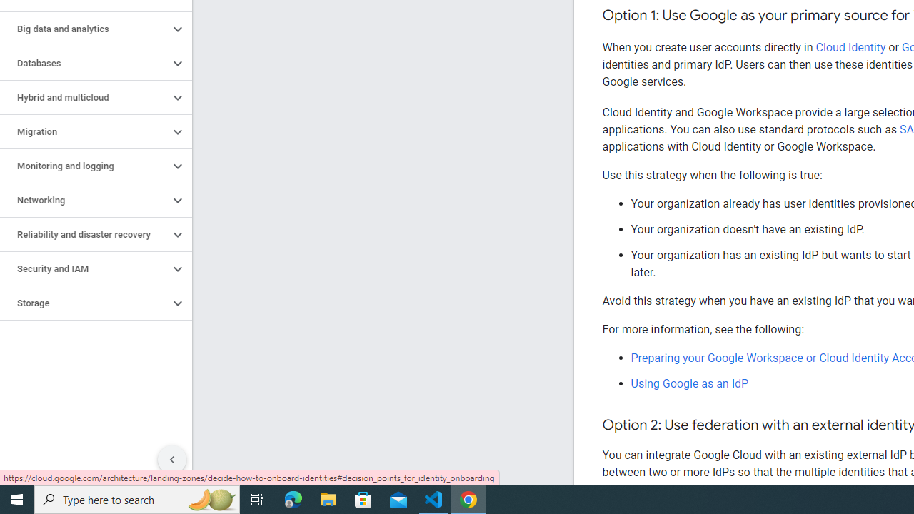 The height and width of the screenshot is (514, 914). I want to click on 'Monitoring and logging', so click(84, 165).